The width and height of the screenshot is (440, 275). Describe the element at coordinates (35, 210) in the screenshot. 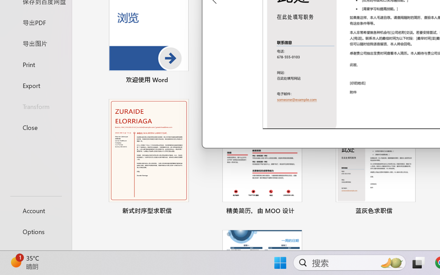

I see `'Account'` at that location.